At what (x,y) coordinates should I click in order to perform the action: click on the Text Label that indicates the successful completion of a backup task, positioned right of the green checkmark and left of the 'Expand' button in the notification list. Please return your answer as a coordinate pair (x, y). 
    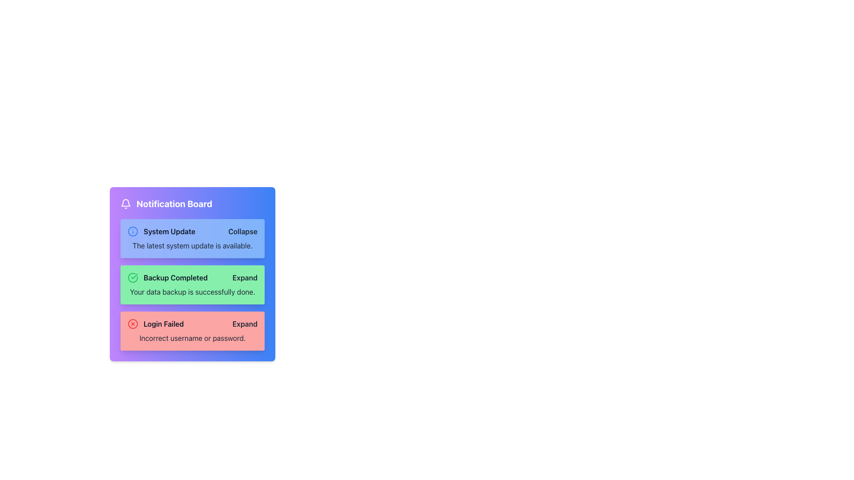
    Looking at the image, I should click on (175, 277).